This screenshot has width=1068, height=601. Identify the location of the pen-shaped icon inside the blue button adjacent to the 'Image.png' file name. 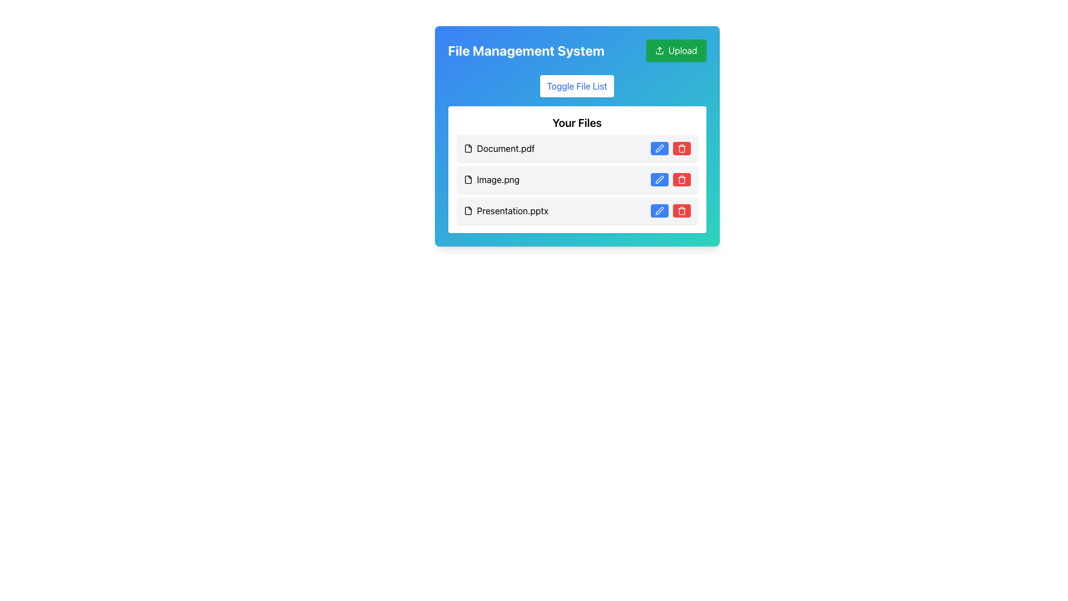
(659, 179).